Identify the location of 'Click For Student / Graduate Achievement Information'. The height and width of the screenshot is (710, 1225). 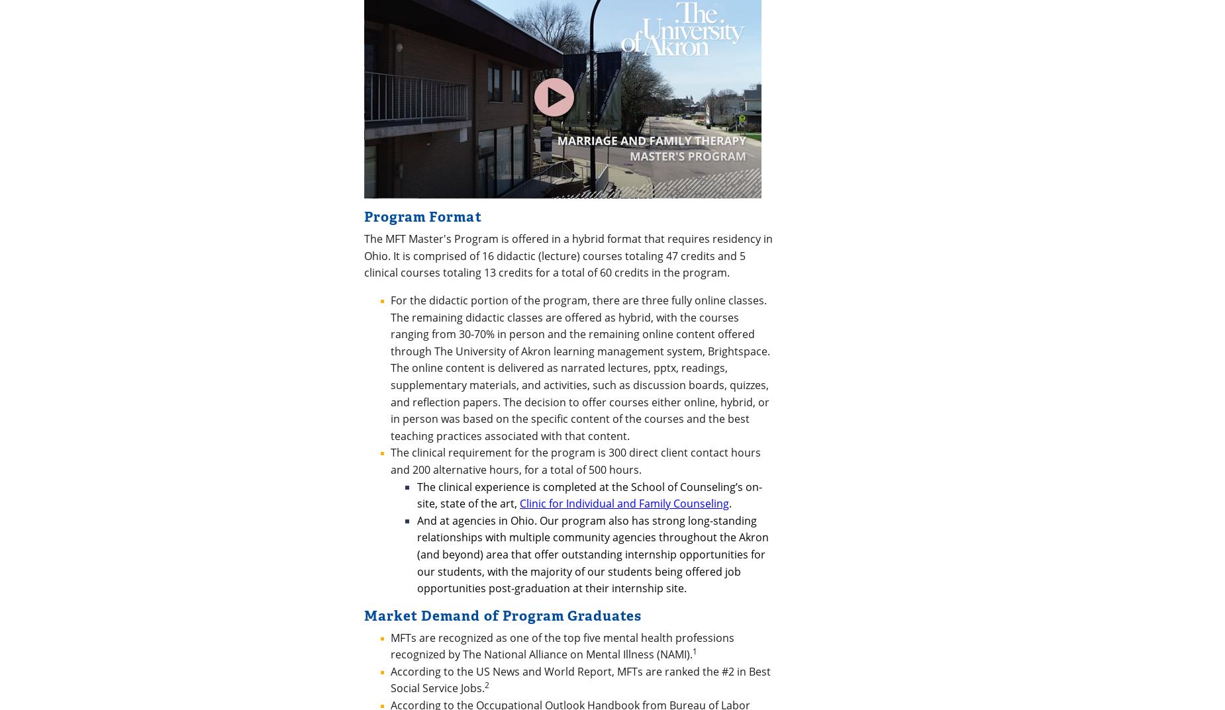
(569, 304).